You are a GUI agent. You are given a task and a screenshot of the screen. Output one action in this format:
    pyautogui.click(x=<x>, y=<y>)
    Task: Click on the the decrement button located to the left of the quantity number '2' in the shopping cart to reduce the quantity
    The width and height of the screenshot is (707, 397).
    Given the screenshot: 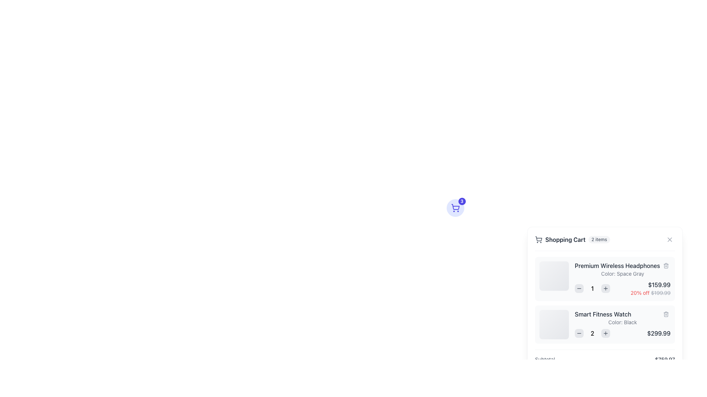 What is the action you would take?
    pyautogui.click(x=579, y=333)
    